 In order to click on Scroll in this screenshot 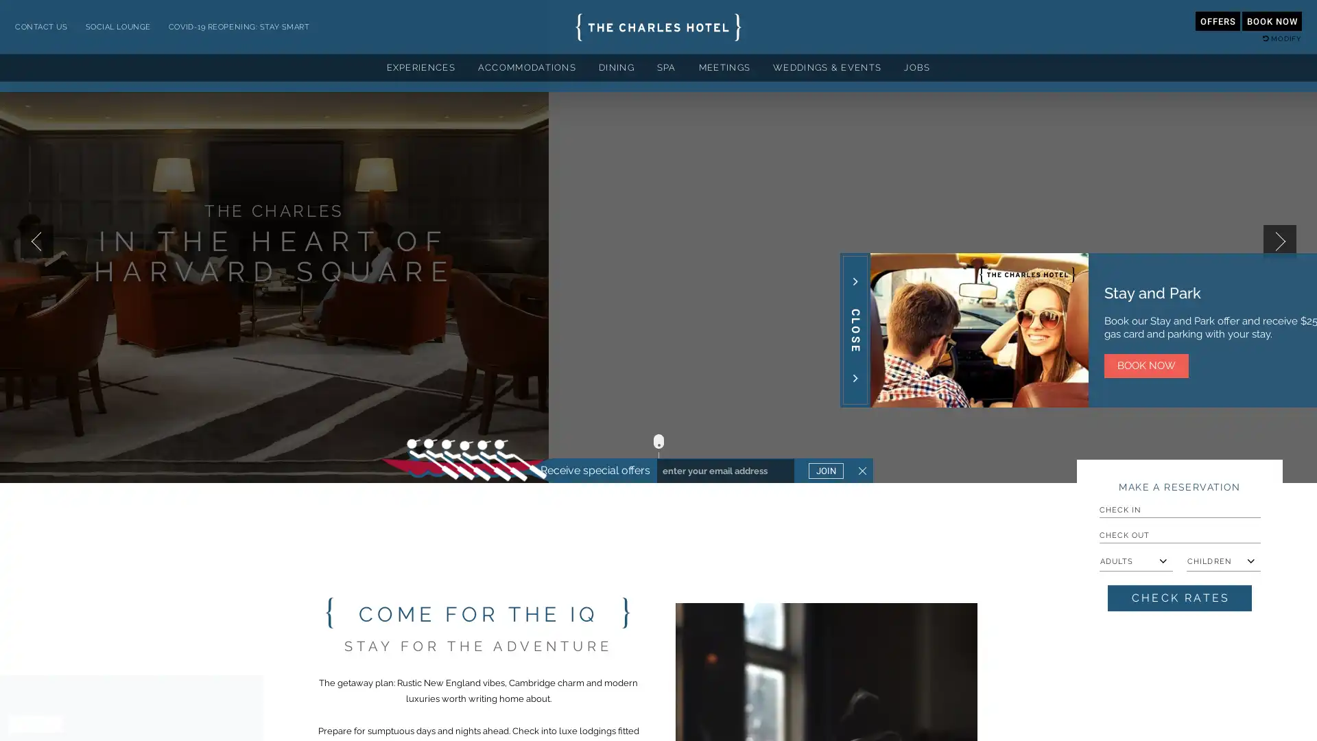, I will do `click(658, 441)`.